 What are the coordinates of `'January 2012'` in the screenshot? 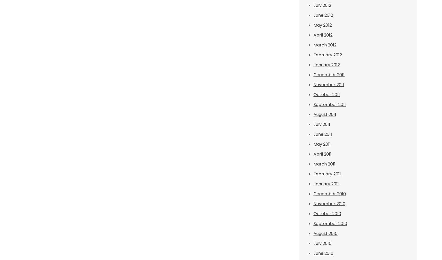 It's located at (327, 64).